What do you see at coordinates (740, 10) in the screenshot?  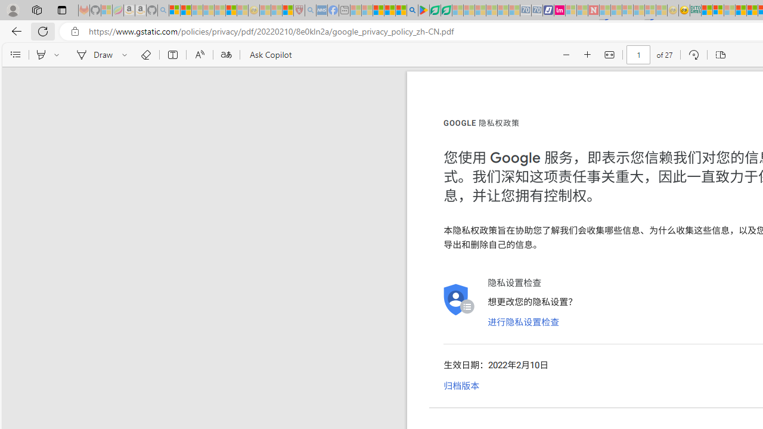 I see `'Expert Portfolios'` at bounding box center [740, 10].